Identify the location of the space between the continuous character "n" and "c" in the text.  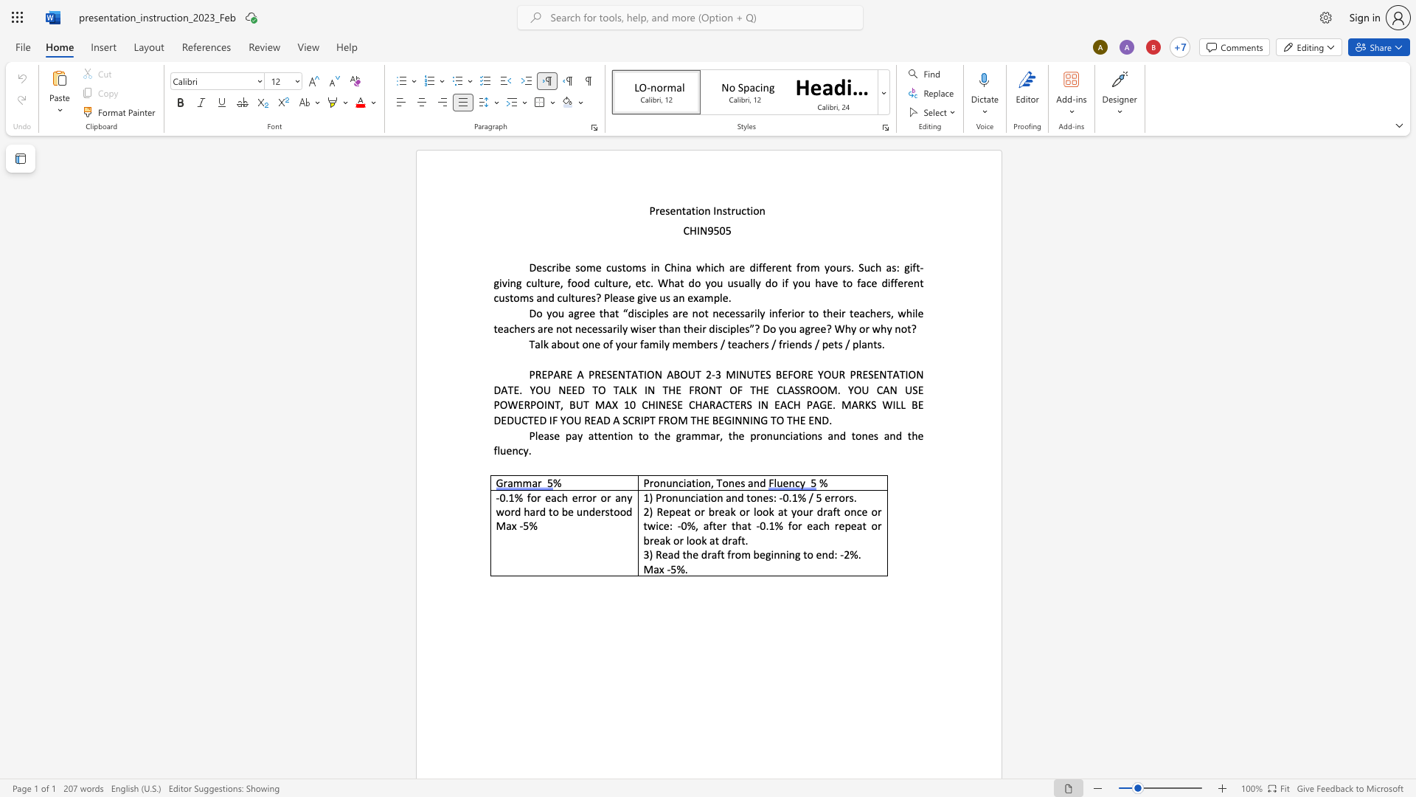
(677, 483).